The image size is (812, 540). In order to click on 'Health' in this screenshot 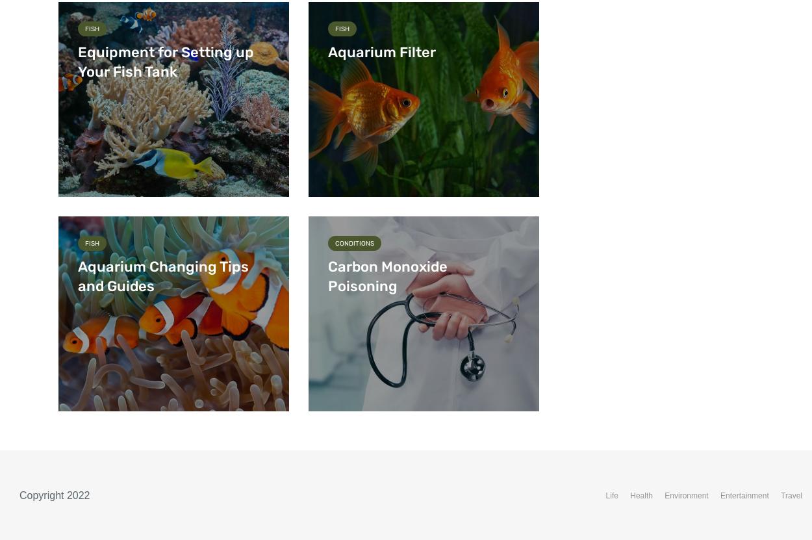, I will do `click(641, 496)`.